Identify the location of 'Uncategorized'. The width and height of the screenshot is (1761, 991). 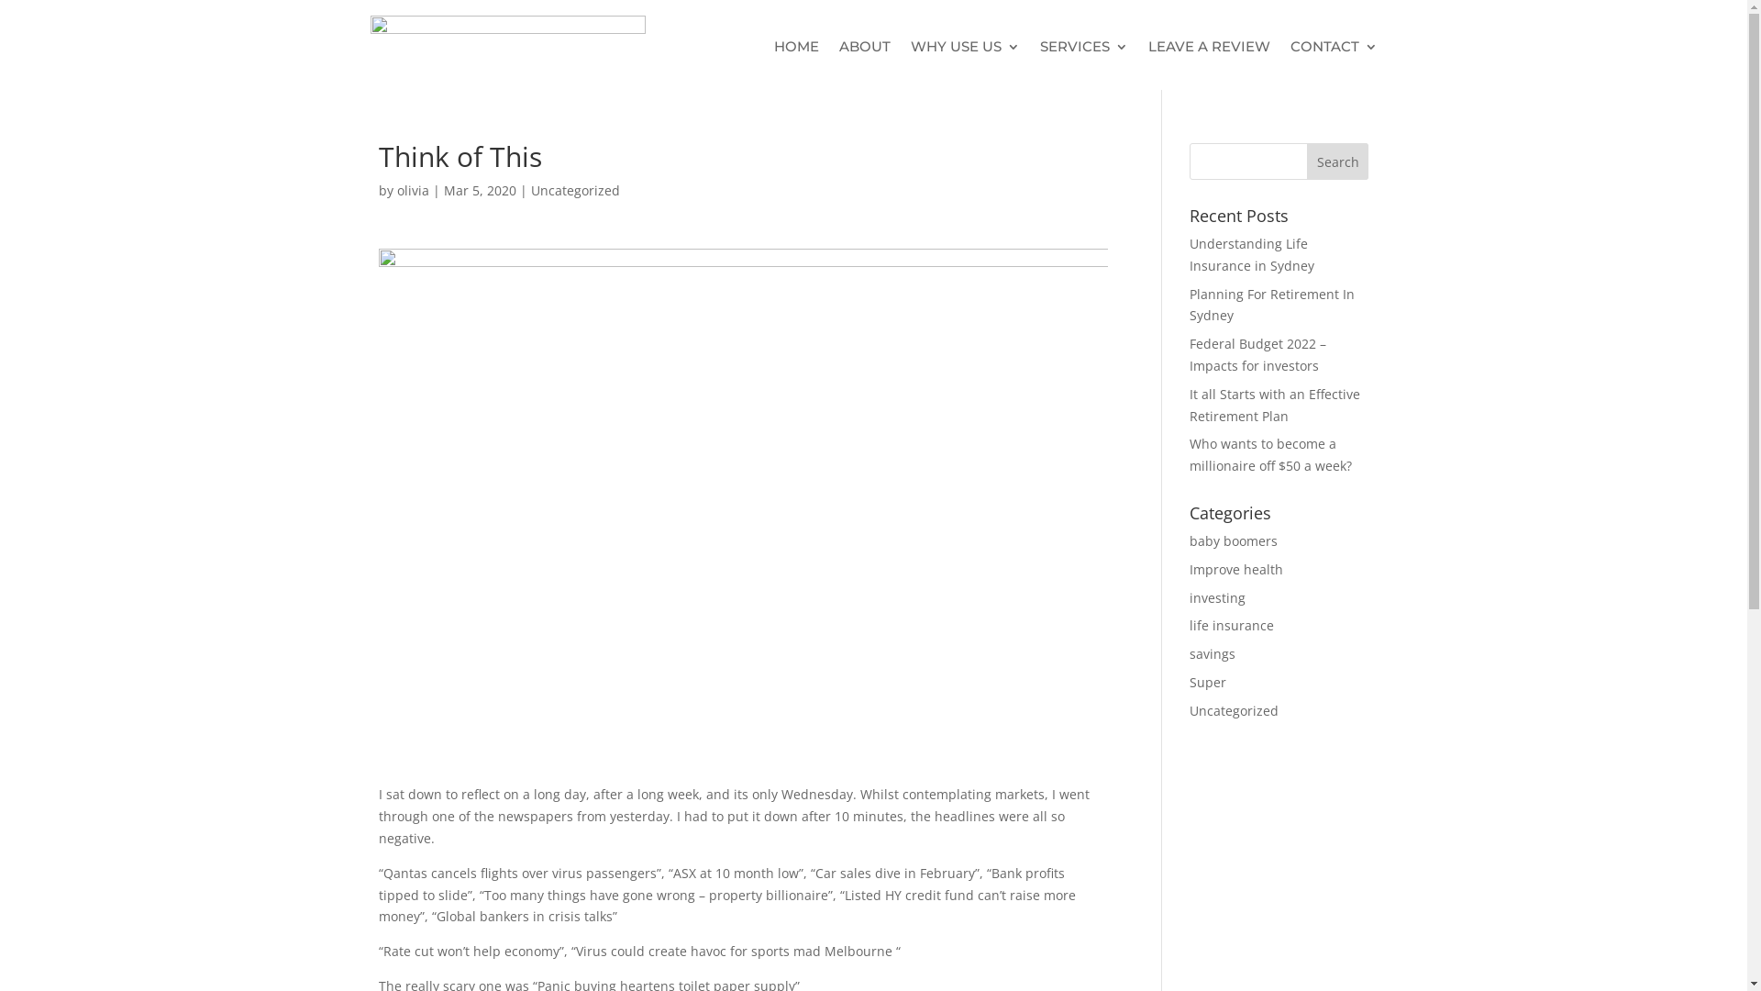
(1189, 709).